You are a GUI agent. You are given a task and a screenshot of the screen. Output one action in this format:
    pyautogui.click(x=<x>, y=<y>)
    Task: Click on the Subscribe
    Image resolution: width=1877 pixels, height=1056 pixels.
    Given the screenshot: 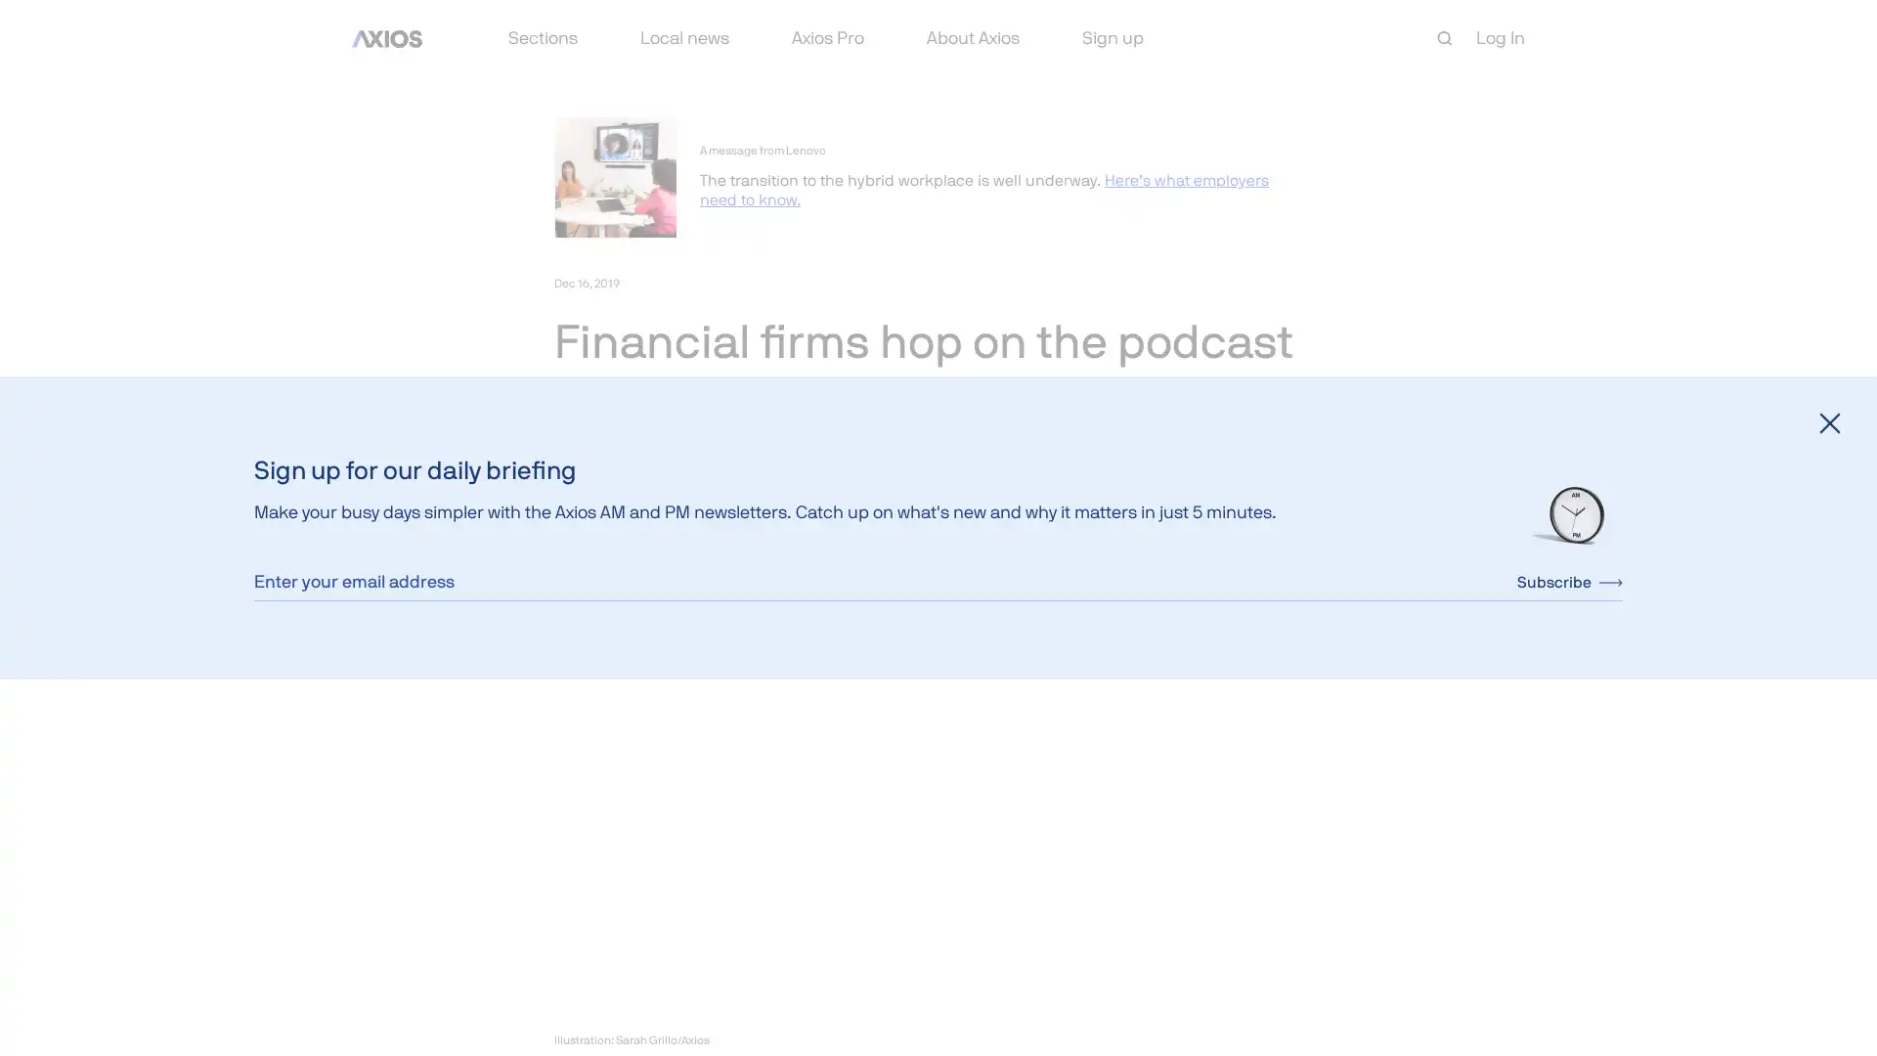 What is the action you would take?
    pyautogui.click(x=1570, y=580)
    